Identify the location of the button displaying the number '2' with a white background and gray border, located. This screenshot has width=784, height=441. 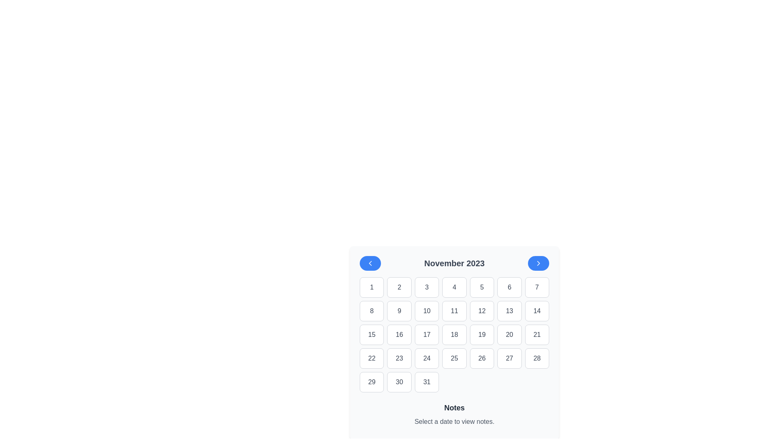
(399, 287).